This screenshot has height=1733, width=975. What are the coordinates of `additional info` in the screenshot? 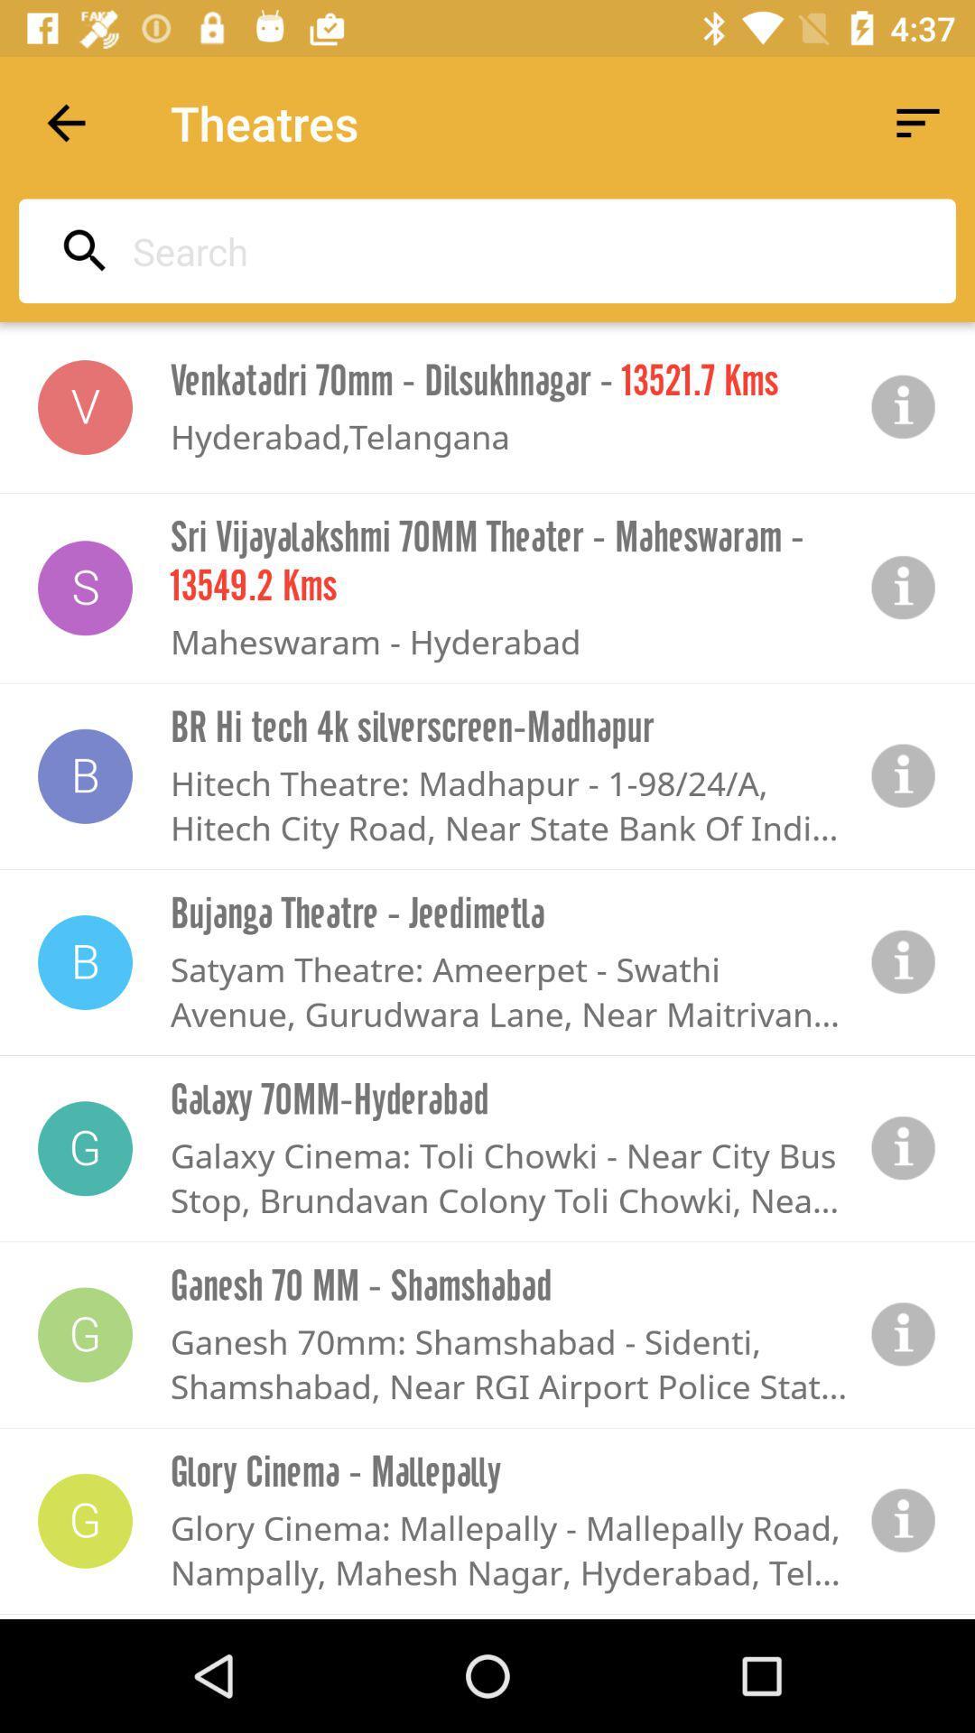 It's located at (904, 1520).